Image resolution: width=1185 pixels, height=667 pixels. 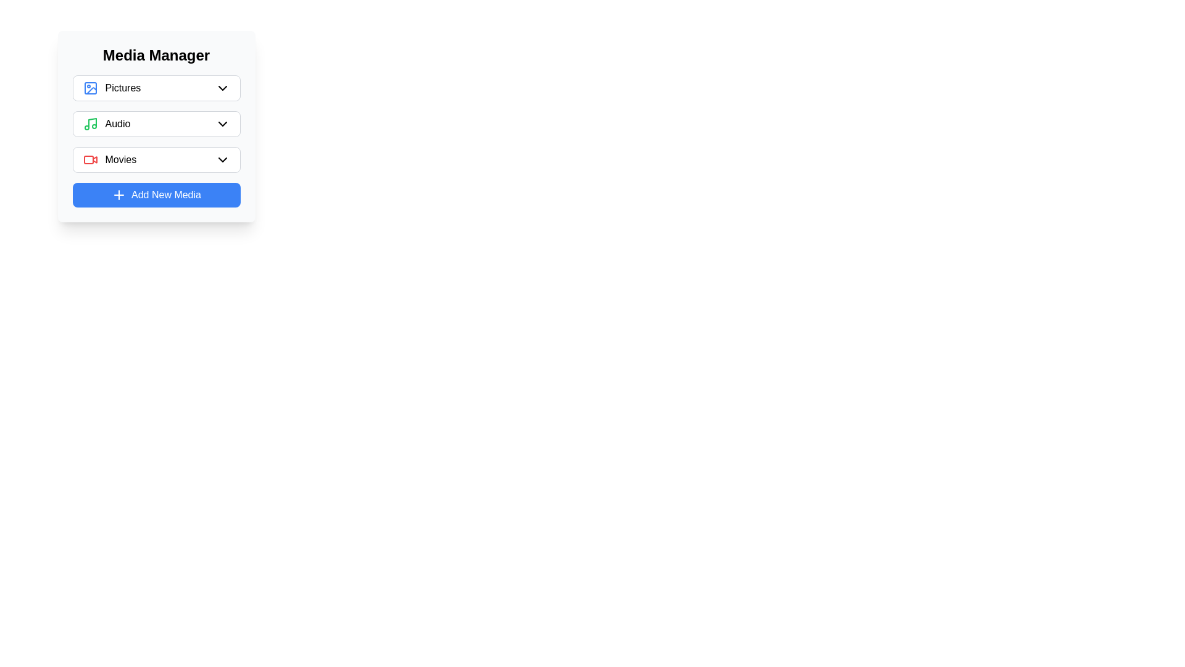 What do you see at coordinates (156, 87) in the screenshot?
I see `the 'Pictures' interactive list item within the 'Media Manager' card for keyboard navigation` at bounding box center [156, 87].